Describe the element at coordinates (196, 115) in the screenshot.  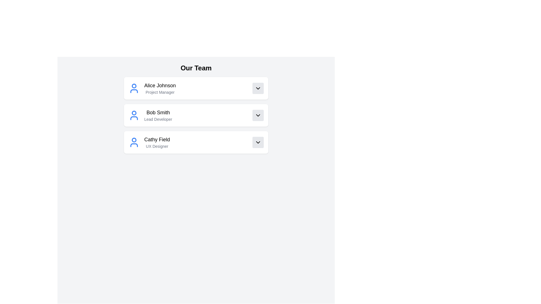
I see `the team member profile for 'Bob Smith, Lead Developer'` at that location.